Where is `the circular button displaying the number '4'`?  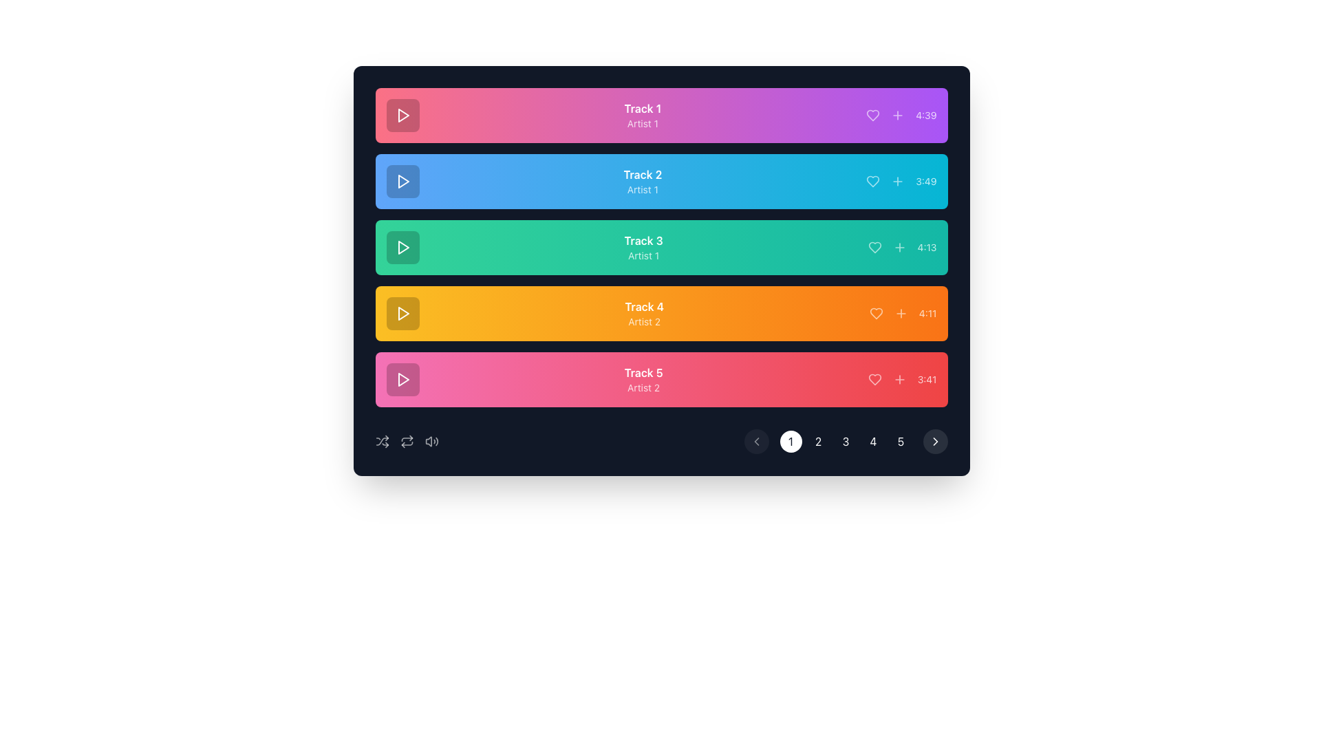
the circular button displaying the number '4' is located at coordinates (872, 441).